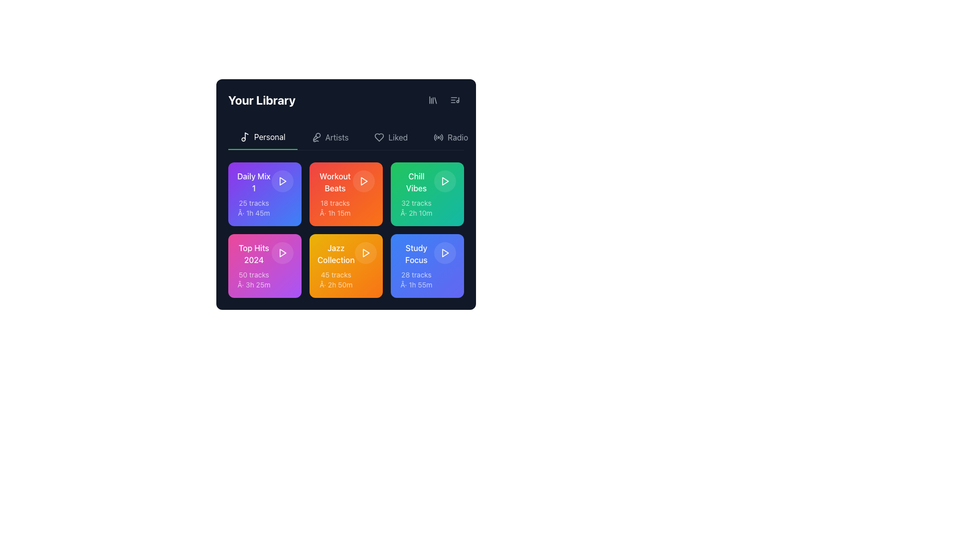 The width and height of the screenshot is (957, 538). I want to click on the 'Liked' icon in the navigation bar, so click(379, 137).